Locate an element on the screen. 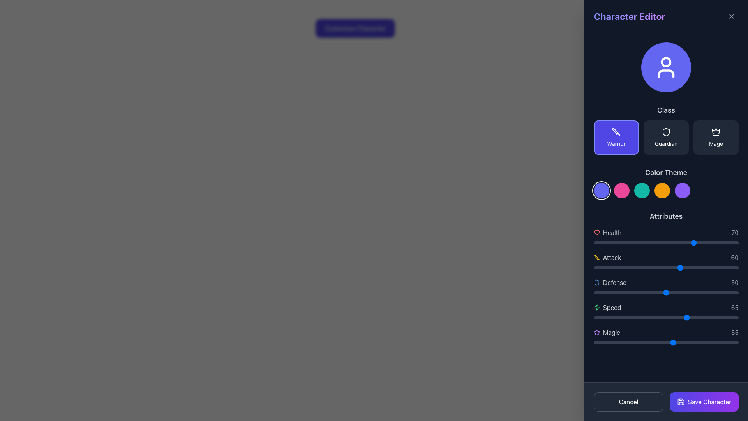 The image size is (748, 421). the defense attribute is located at coordinates (688, 293).